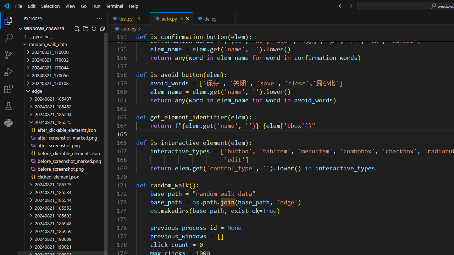 Image resolution: width=454 pixels, height=255 pixels. I want to click on 'Python', so click(9, 123).